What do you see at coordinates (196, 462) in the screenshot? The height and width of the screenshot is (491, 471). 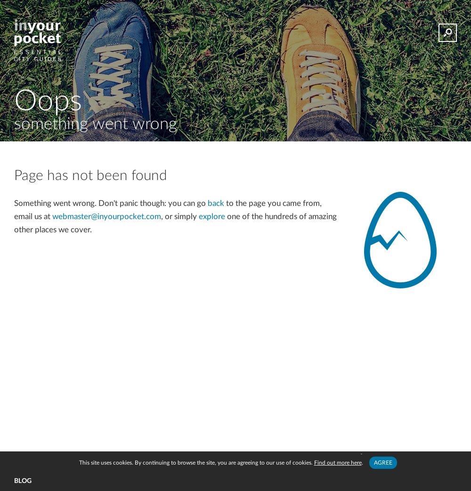 I see `'This site uses cookies. By continuing to browse the site, you are agreeing to our use of cookies.'` at bounding box center [196, 462].